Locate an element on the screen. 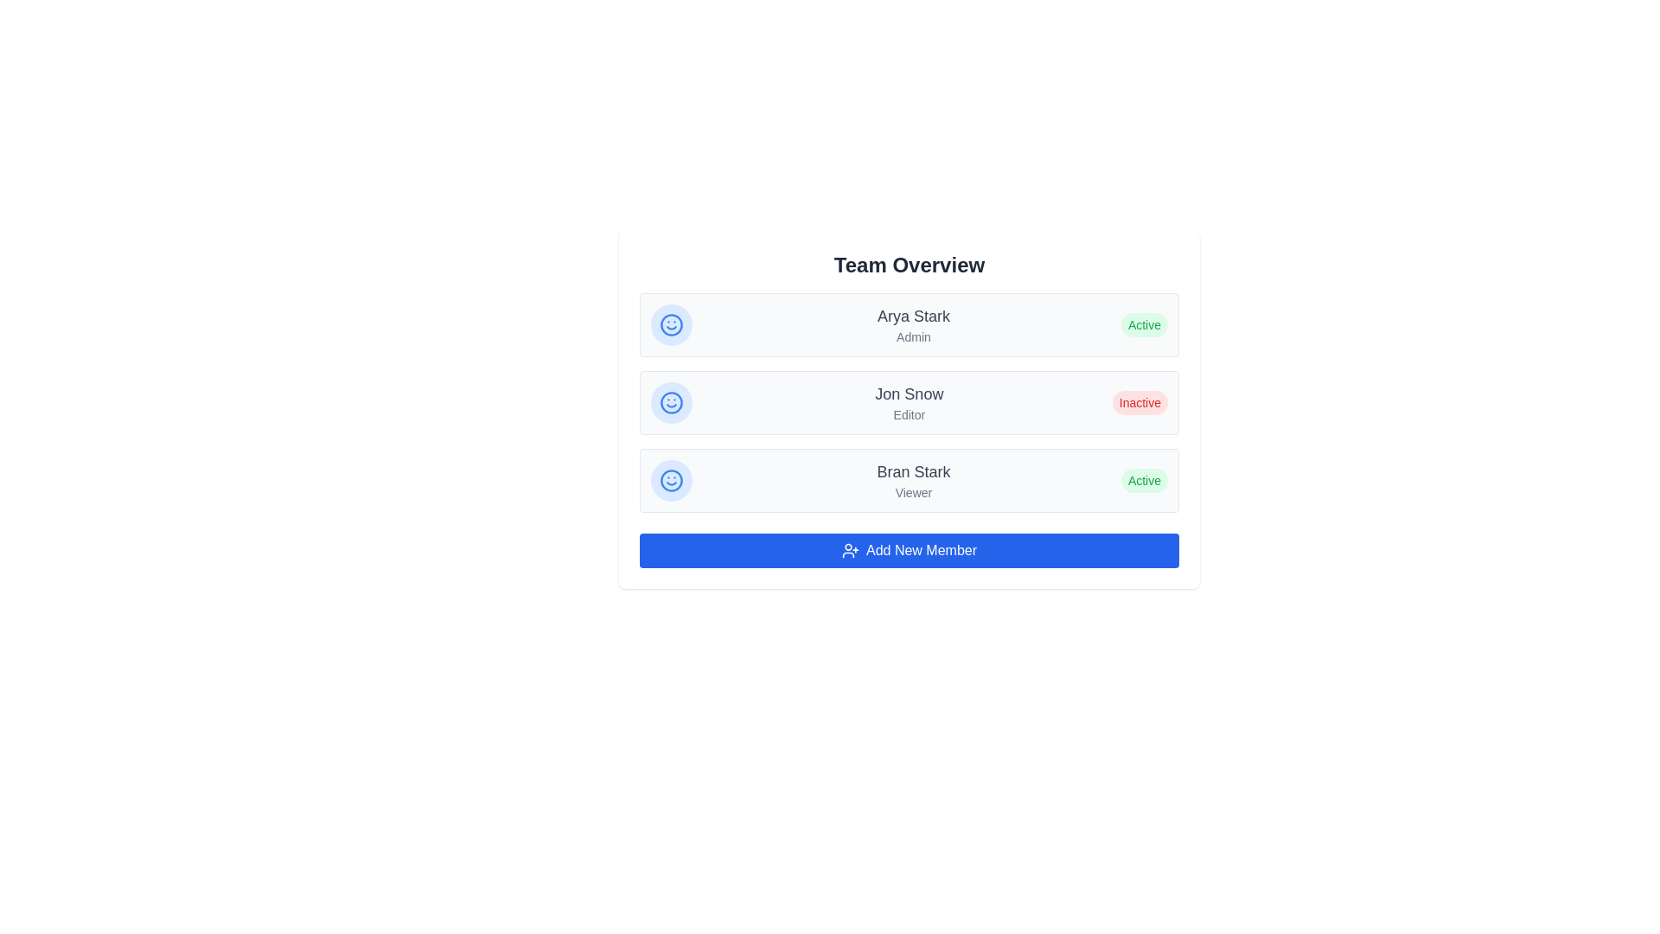  the text element displaying 'Bran Stark' in the 'Team Overview' list, which is located in the third row and appears in bold dark gray font is located at coordinates (912, 472).